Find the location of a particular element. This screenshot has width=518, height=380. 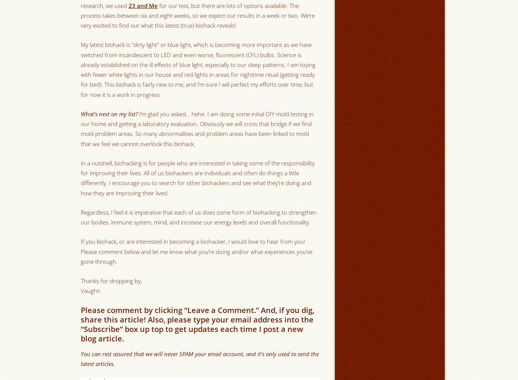

'You can rest assured that we will never SPAM your email account, and it’s only used to send the latest articles.' is located at coordinates (200, 358).